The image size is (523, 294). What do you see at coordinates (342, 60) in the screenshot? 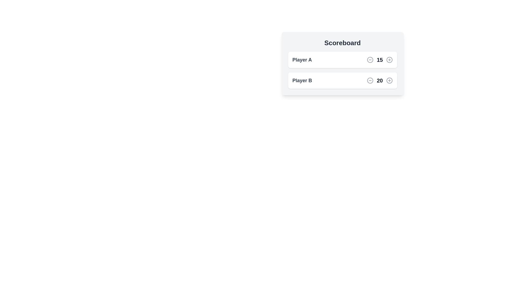
I see `player name 'Player A' and the score '15' from the composite UI component that includes interactive buttons for score adjustment, positioned at the top of the scoreboard list` at bounding box center [342, 60].